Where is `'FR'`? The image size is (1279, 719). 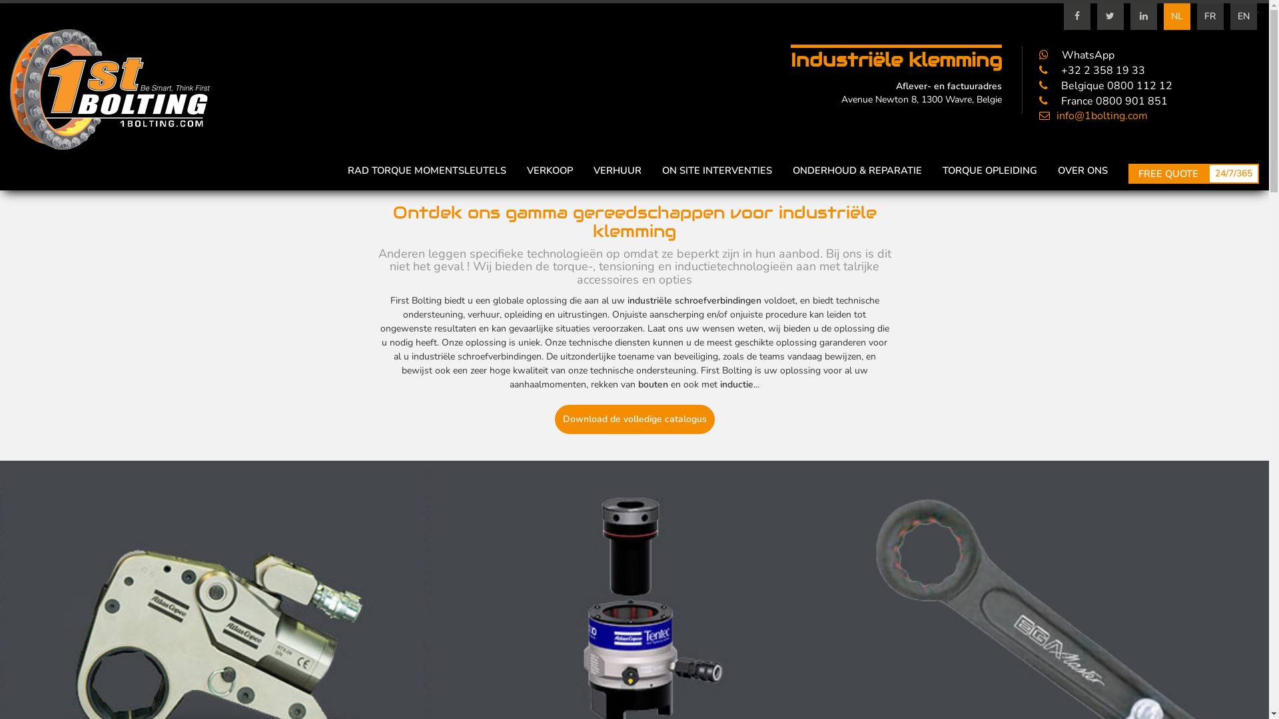 'FR' is located at coordinates (1210, 16).